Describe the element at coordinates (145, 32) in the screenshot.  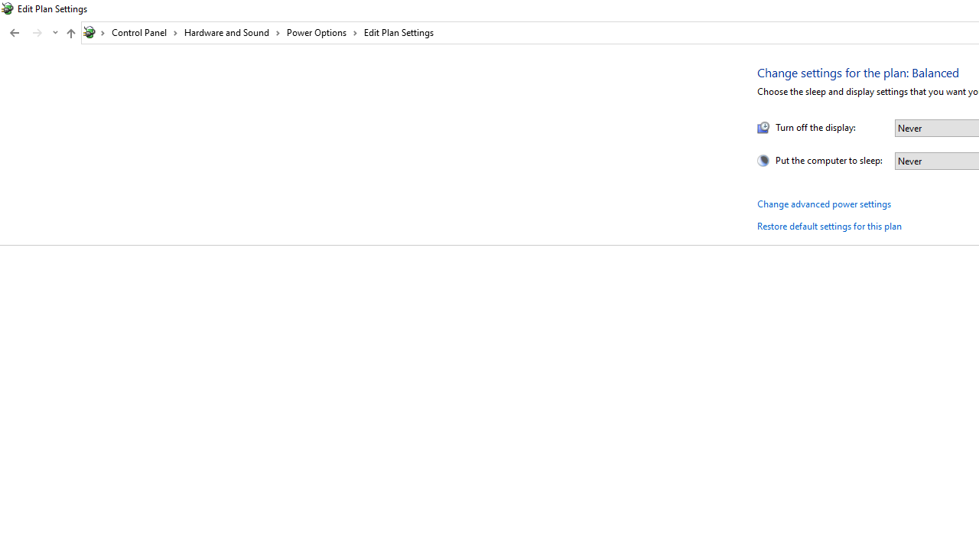
I see `'Control Panel'` at that location.